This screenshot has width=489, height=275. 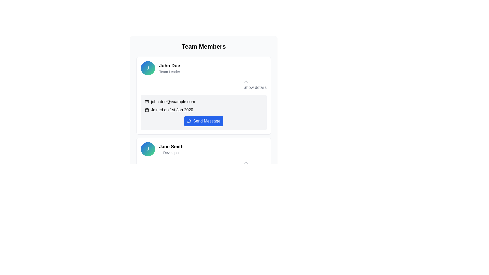 What do you see at coordinates (204, 121) in the screenshot?
I see `the blue button labeled 'Send Message' with a message bubble icon located at the bottom right of the section displaying 'john.doe@example.com'` at bounding box center [204, 121].